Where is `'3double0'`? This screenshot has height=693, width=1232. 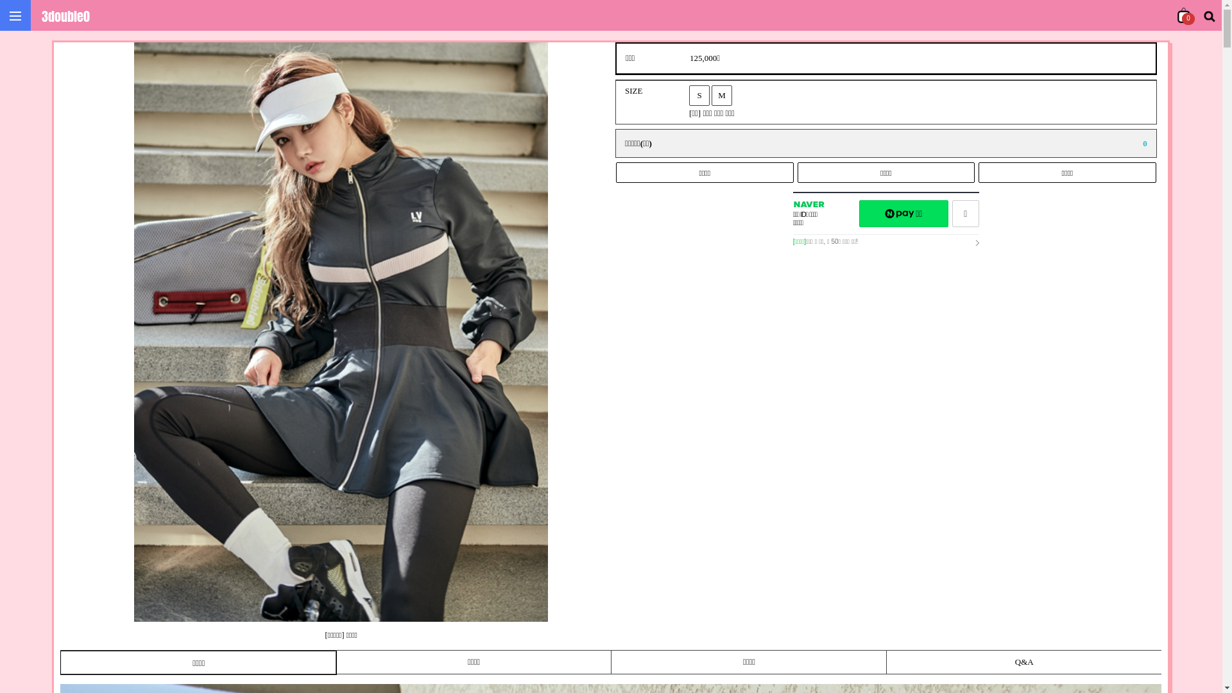 '3double0' is located at coordinates (42, 16).